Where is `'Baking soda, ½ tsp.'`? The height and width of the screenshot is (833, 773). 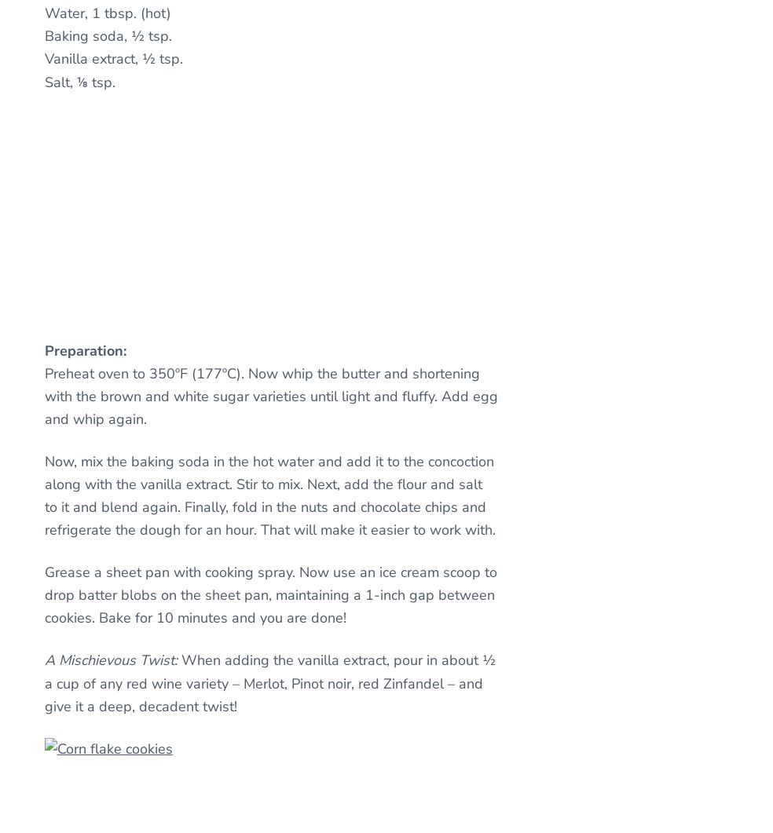 'Baking soda, ½ tsp.' is located at coordinates (108, 36).